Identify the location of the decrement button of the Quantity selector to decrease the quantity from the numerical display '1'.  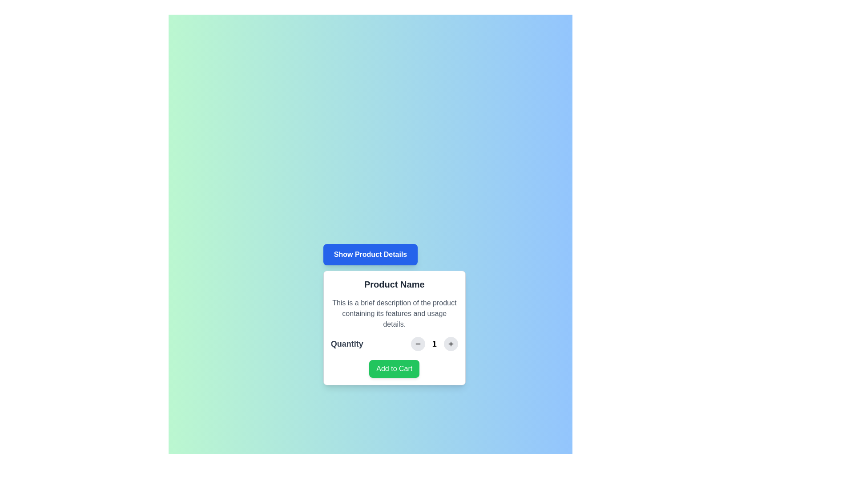
(394, 344).